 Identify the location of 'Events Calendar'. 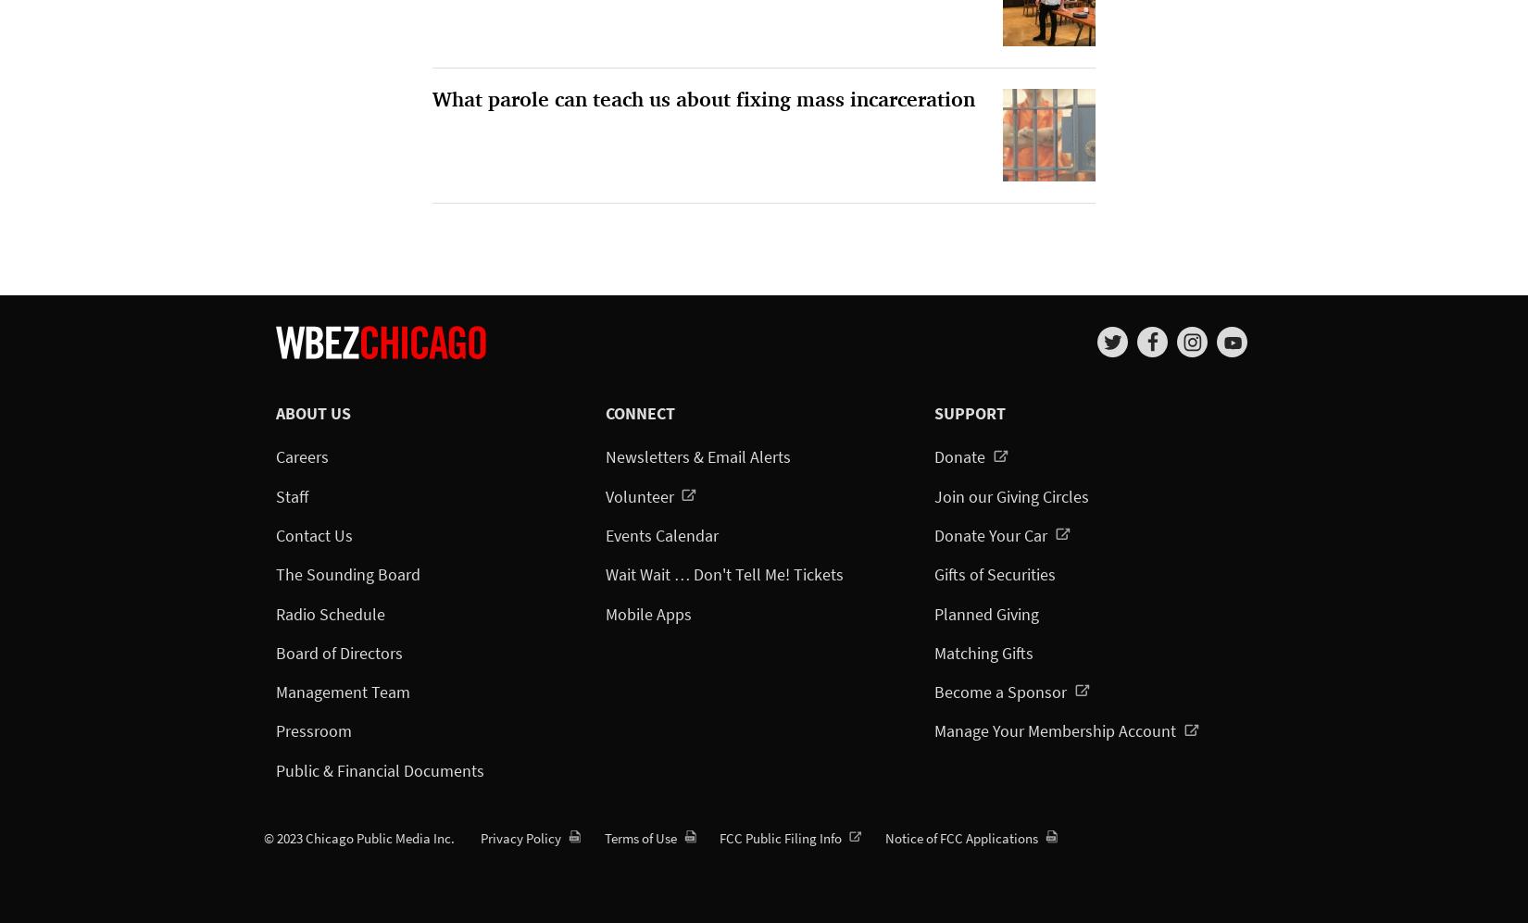
(659, 535).